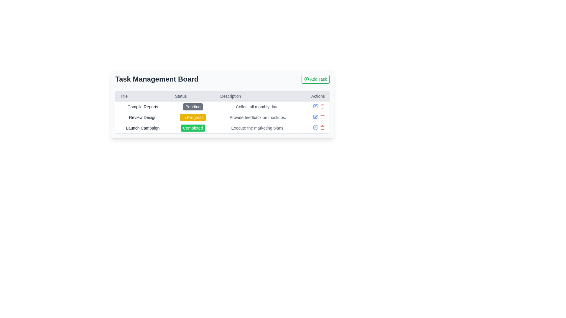 The image size is (566, 318). Describe the element at coordinates (193, 107) in the screenshot. I see `the status label indicating the current task progress for 'Compile Reports', which is the first item in the 'Status' column of the table` at that location.